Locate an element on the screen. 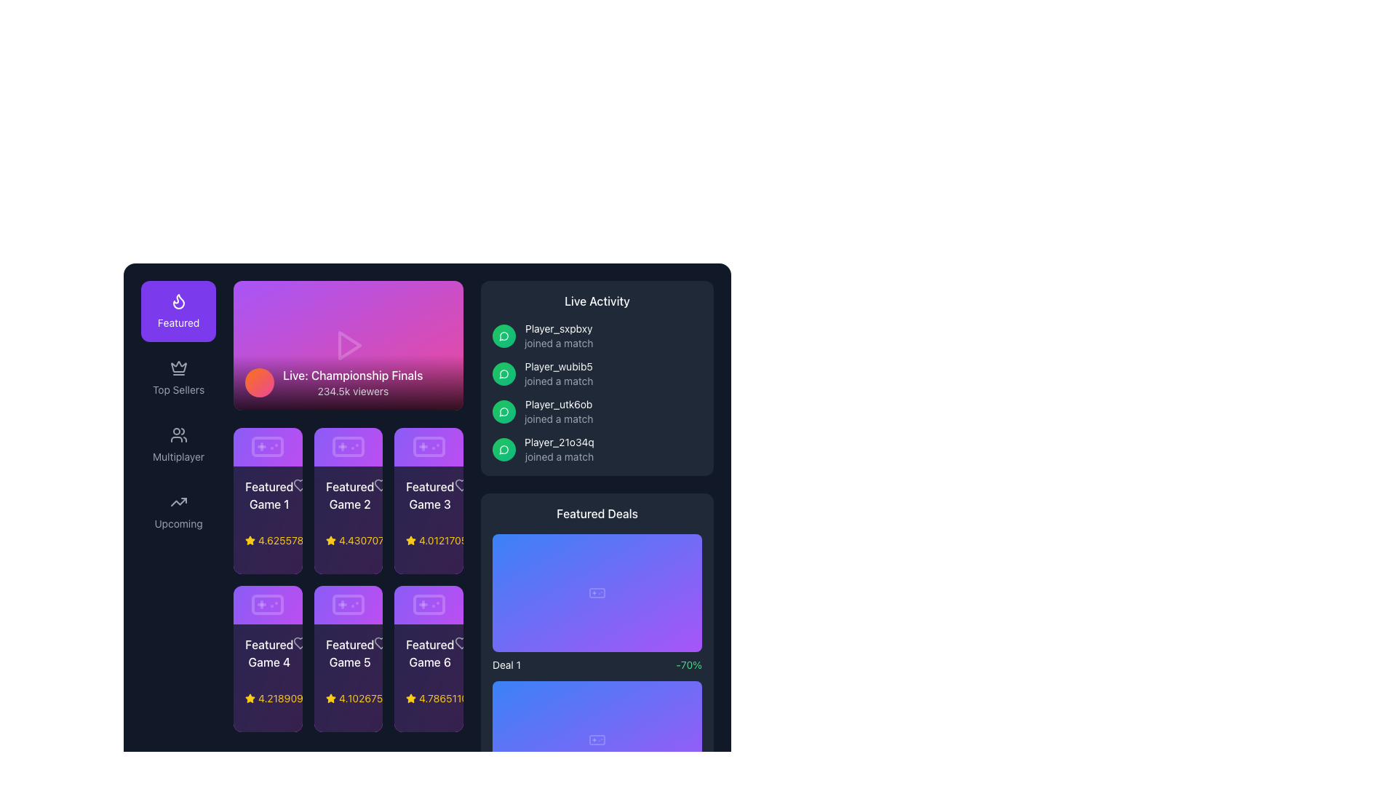 The image size is (1397, 786). text of the static label indicating the username of the player who has joined a match, located in the 'Live Activity' panel, specifically the third entry from the top, adjacent to a green icon is located at coordinates (558, 404).